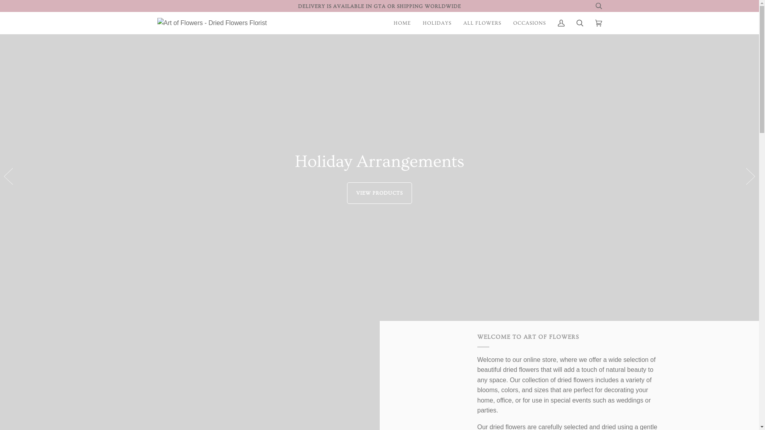  Describe the element at coordinates (402, 22) in the screenshot. I see `'HOME'` at that location.